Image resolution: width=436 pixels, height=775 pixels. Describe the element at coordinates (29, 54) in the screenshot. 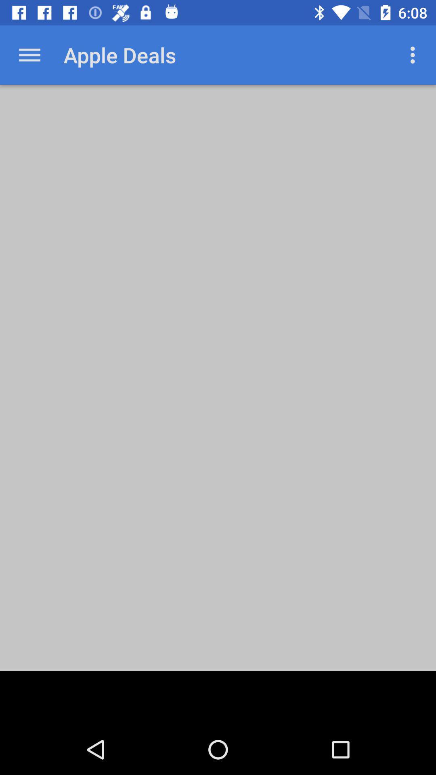

I see `app to the left of apple deals item` at that location.